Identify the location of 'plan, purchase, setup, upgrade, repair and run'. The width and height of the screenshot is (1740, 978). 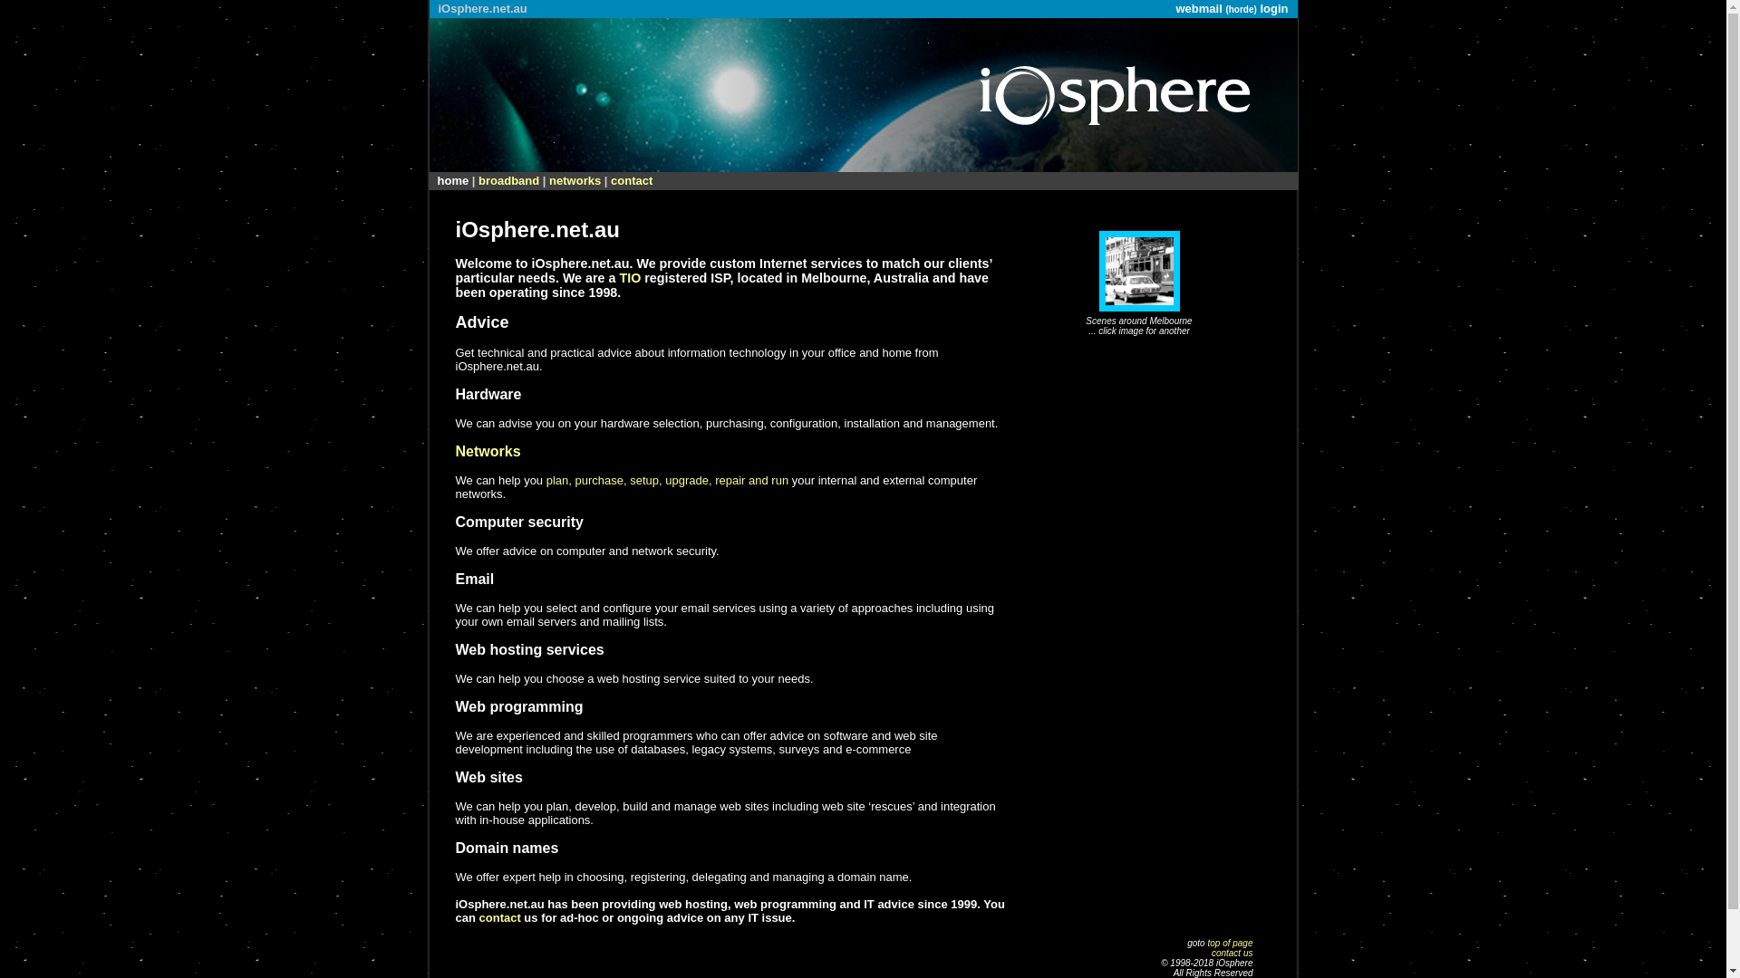
(666, 479).